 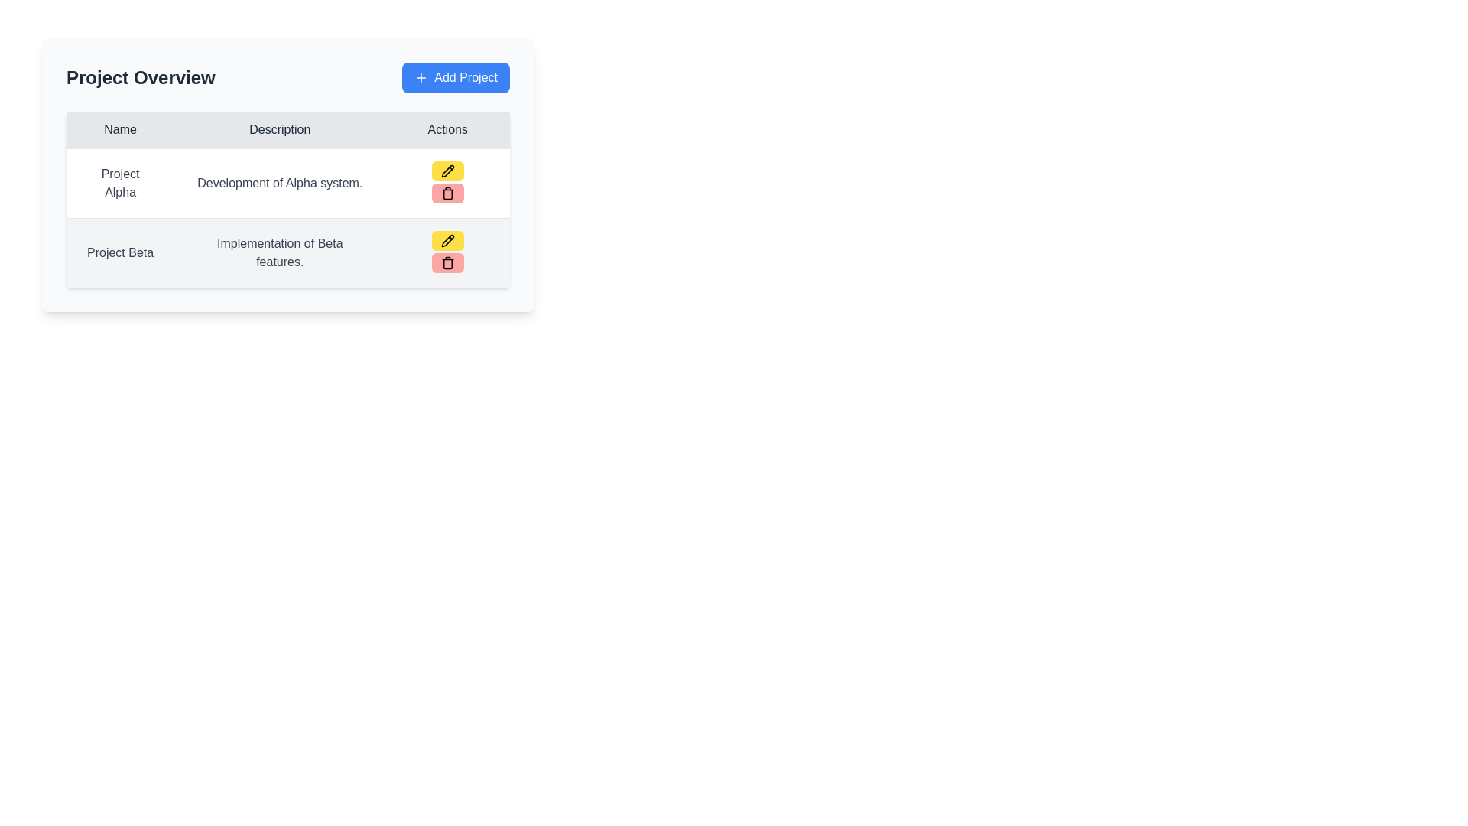 What do you see at coordinates (447, 193) in the screenshot?
I see `the delete icon button, which is a trash can icon situated in the second row of the 'Actions' column` at bounding box center [447, 193].